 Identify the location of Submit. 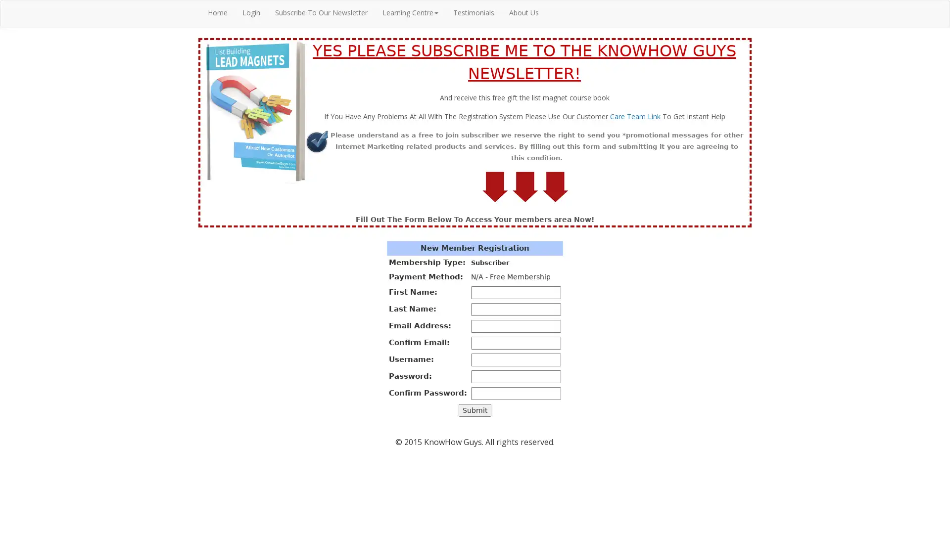
(475, 410).